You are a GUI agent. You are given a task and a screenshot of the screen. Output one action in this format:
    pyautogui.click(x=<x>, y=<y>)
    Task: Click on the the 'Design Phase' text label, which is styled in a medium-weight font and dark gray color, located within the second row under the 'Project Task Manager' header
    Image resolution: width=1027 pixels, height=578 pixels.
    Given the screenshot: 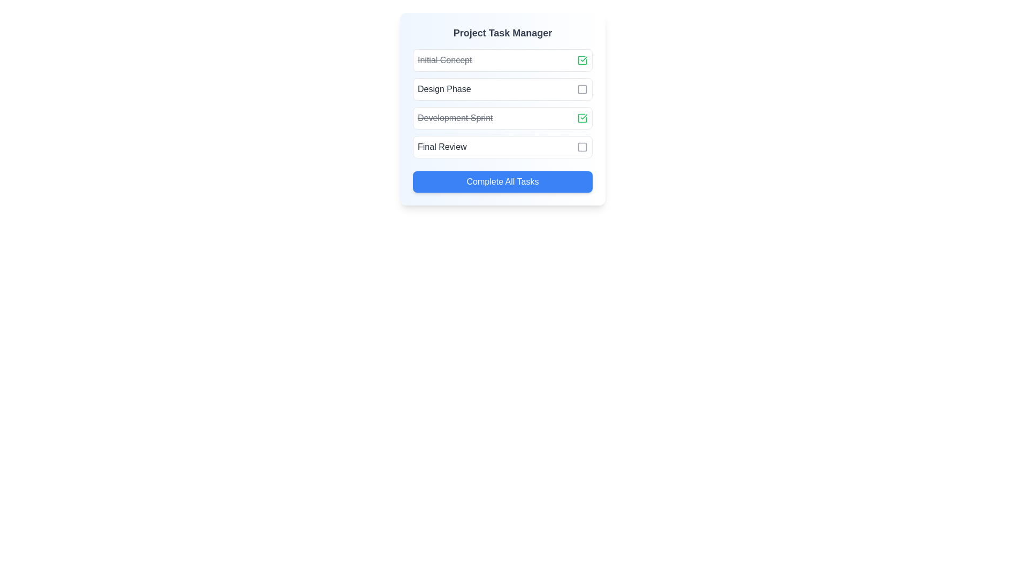 What is the action you would take?
    pyautogui.click(x=444, y=88)
    